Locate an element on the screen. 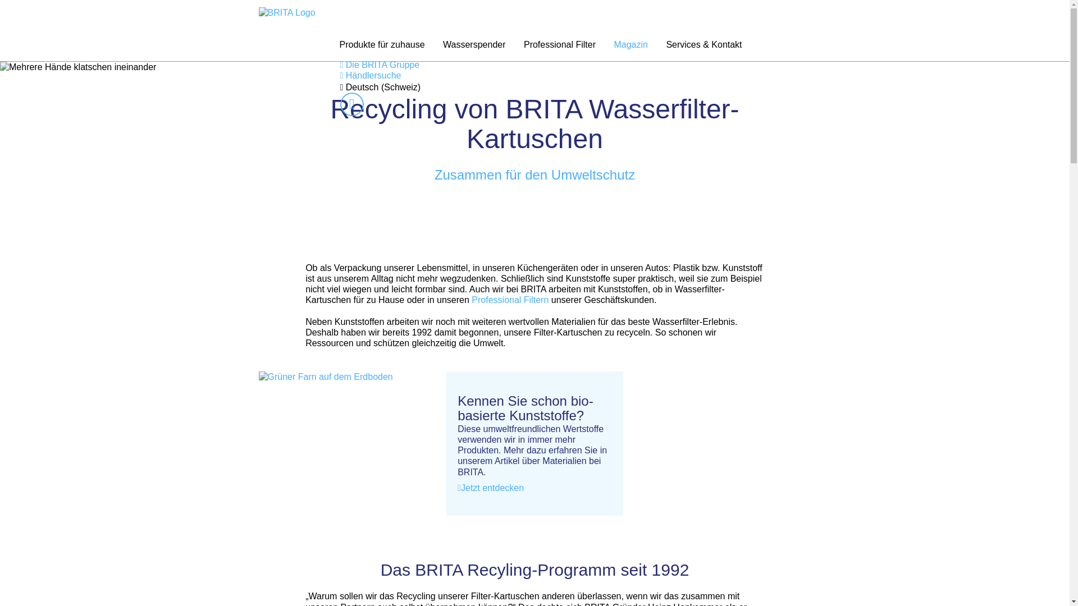  'Wasserspender' is located at coordinates (474, 45).